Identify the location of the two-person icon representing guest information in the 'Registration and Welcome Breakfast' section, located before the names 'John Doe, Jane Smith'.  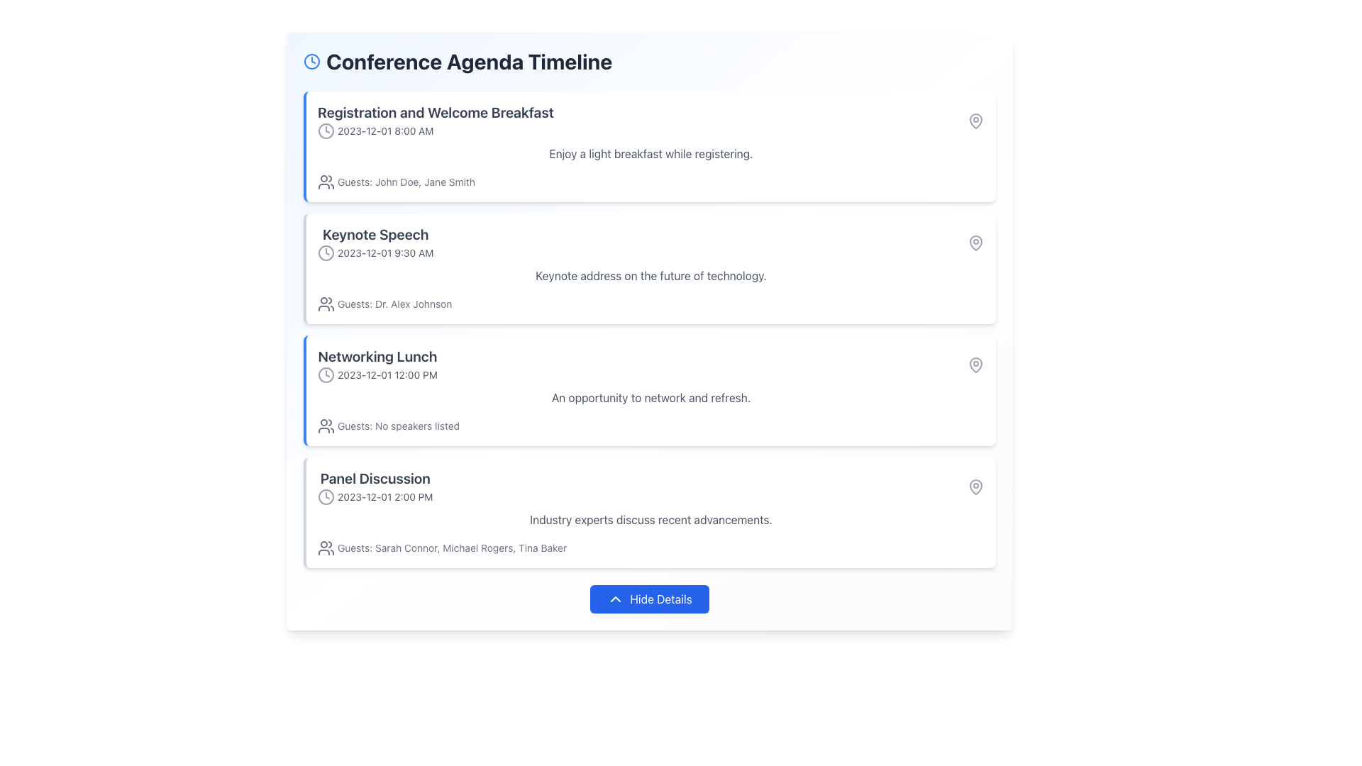
(326, 182).